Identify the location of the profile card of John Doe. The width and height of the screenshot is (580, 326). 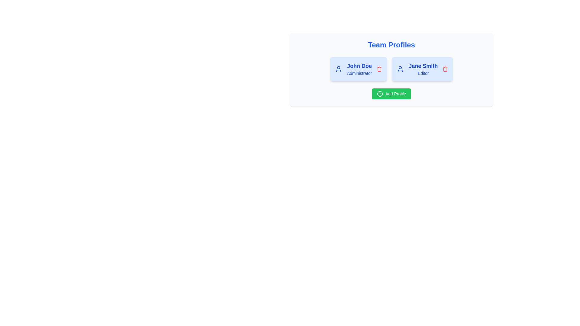
(358, 69).